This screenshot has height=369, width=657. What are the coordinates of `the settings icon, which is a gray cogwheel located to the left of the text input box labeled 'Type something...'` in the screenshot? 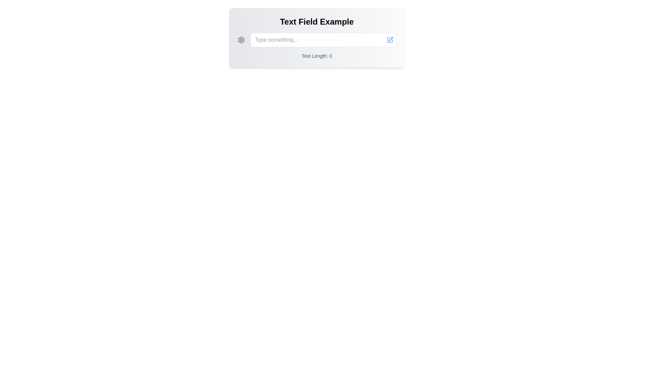 It's located at (241, 40).